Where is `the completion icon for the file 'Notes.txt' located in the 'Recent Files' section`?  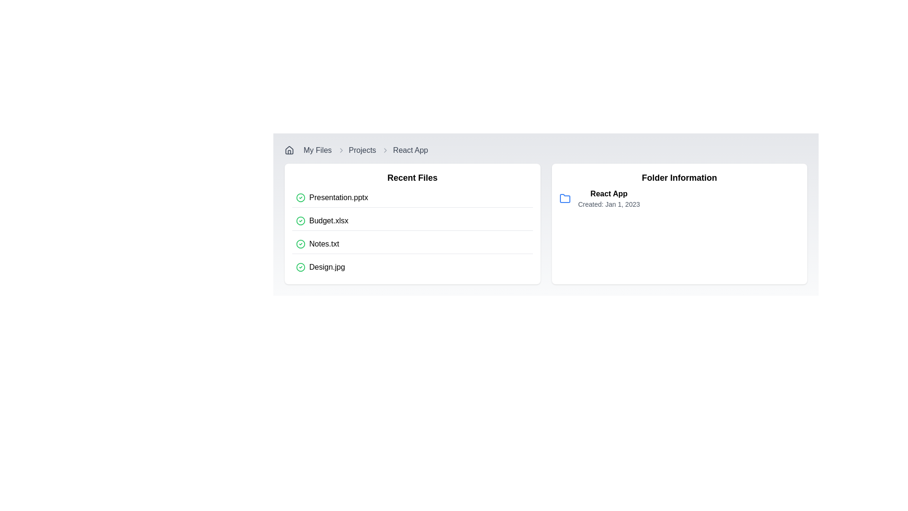 the completion icon for the file 'Notes.txt' located in the 'Recent Files' section is located at coordinates (300, 244).